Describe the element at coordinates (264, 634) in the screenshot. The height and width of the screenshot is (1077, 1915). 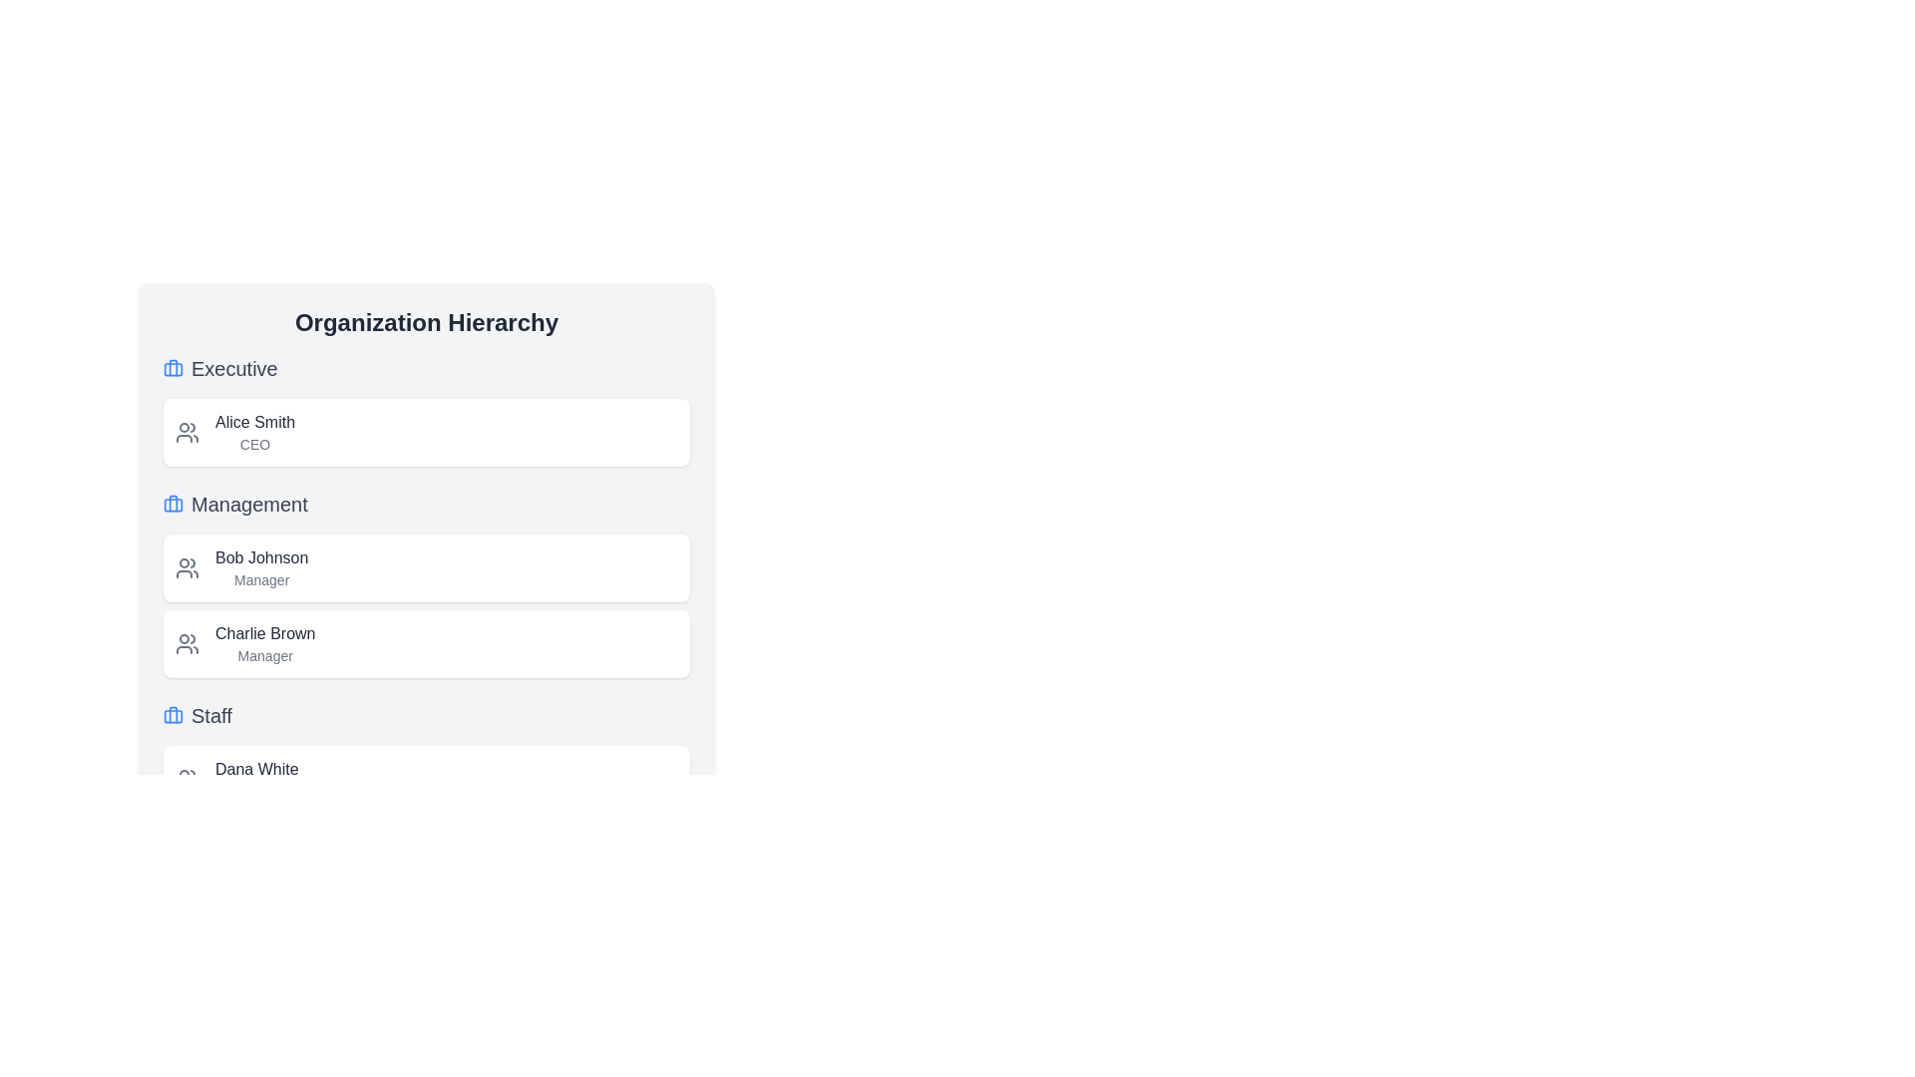
I see `the text element displaying 'Charlie Brown' in the Management section` at that location.